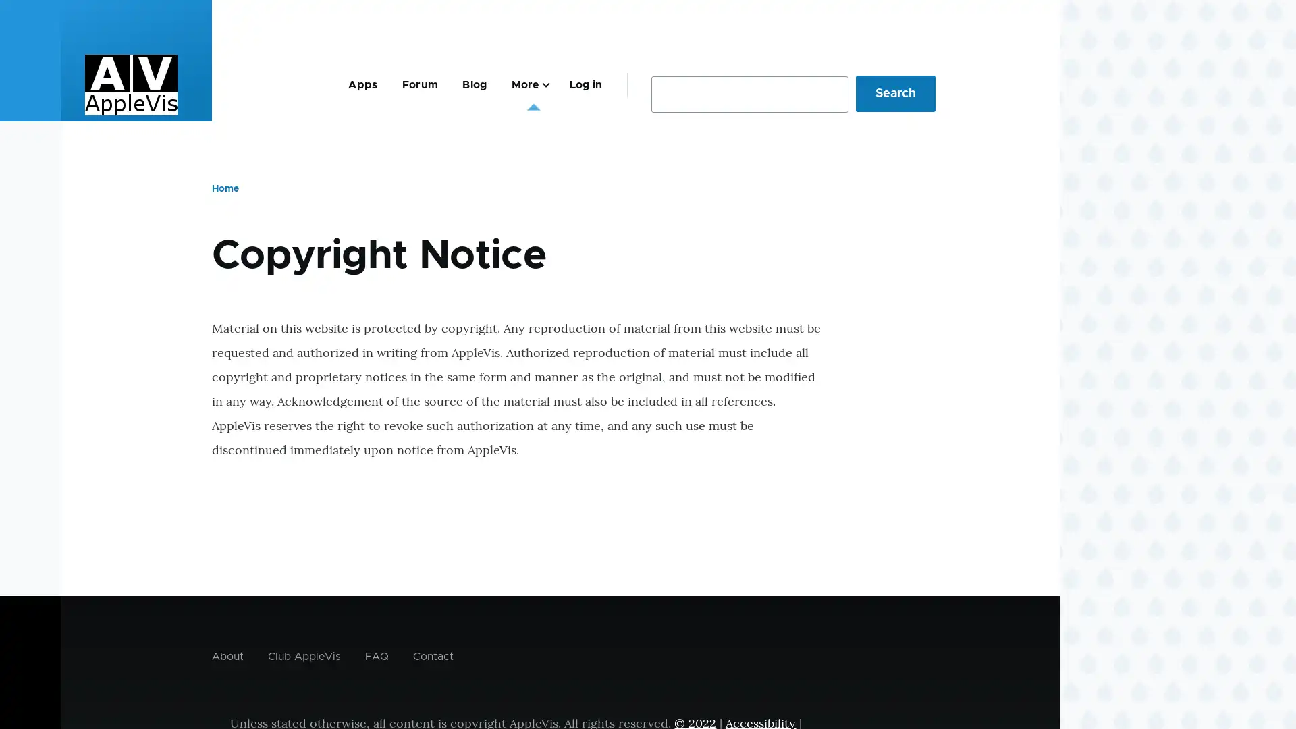 The image size is (1296, 729). I want to click on More, so click(527, 84).